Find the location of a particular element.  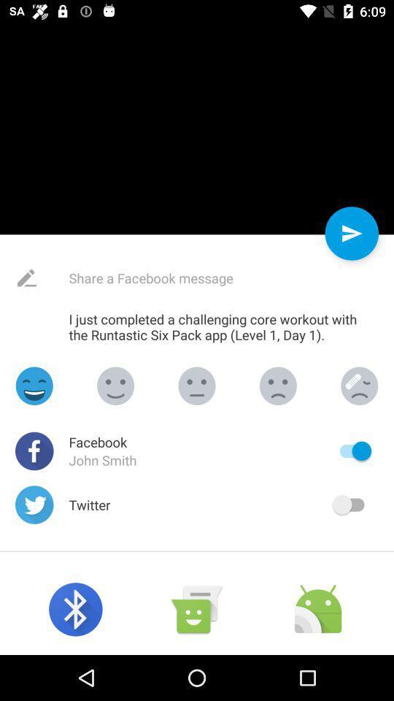

share the article is located at coordinates (185, 277).